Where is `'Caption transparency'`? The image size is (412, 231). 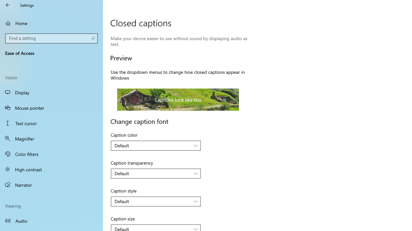 'Caption transparency' is located at coordinates (156, 174).